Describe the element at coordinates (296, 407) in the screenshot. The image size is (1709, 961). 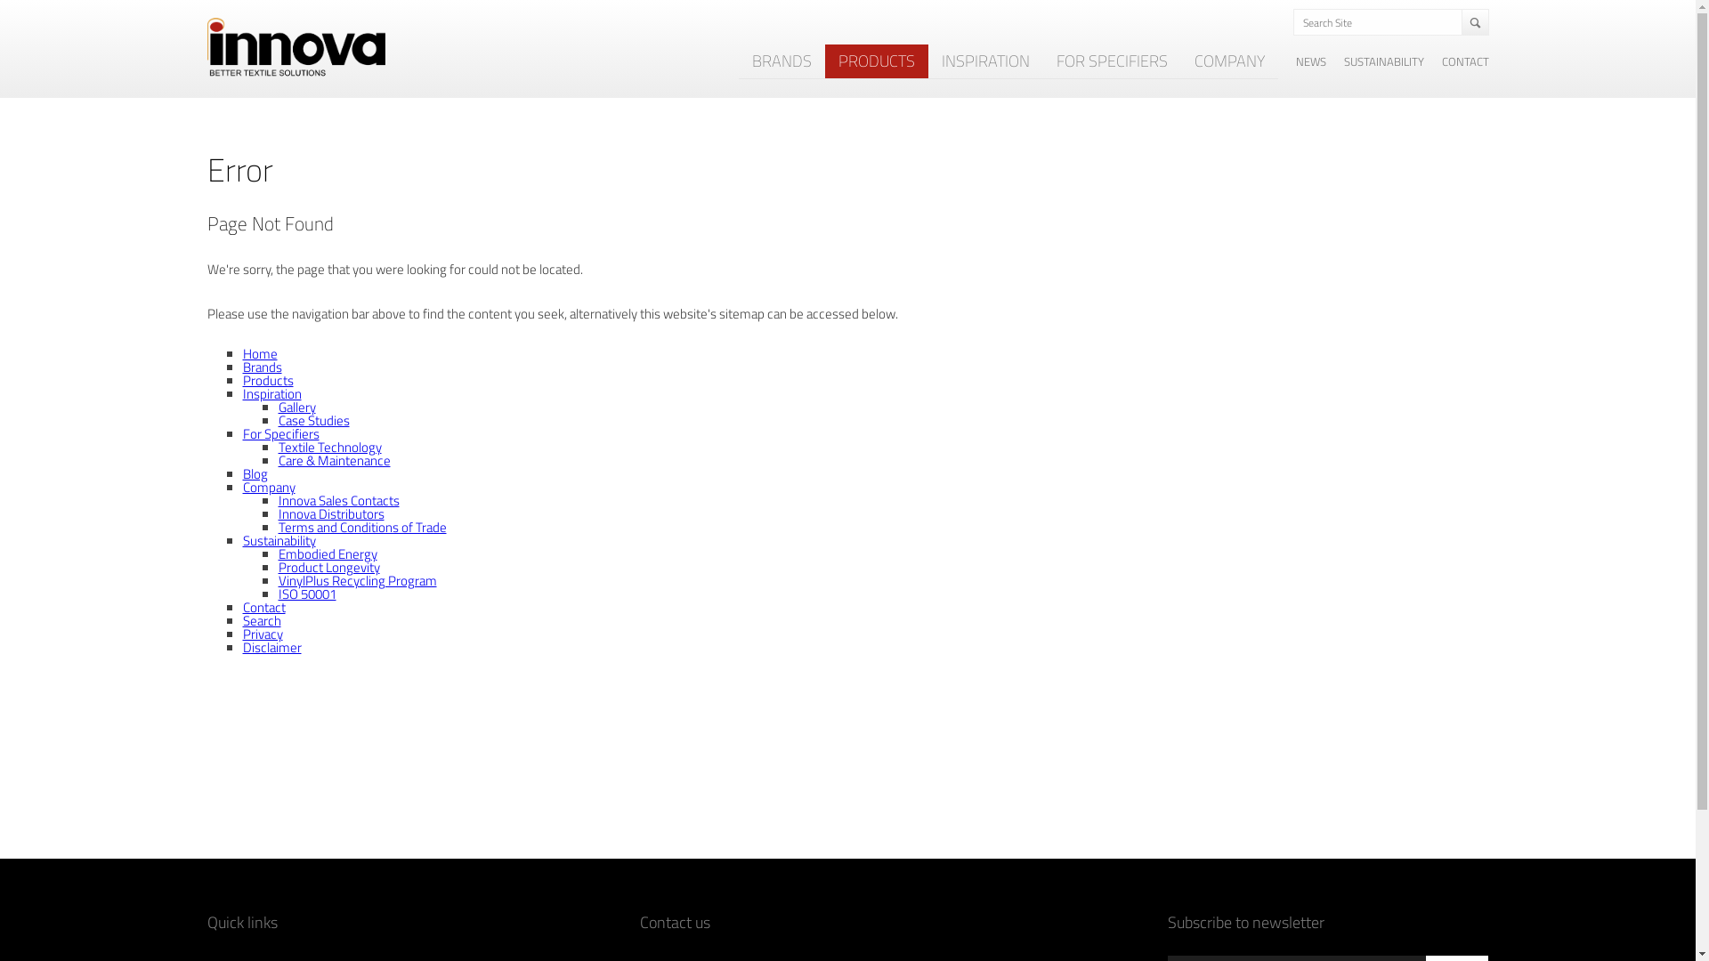
I see `'Gallery'` at that location.